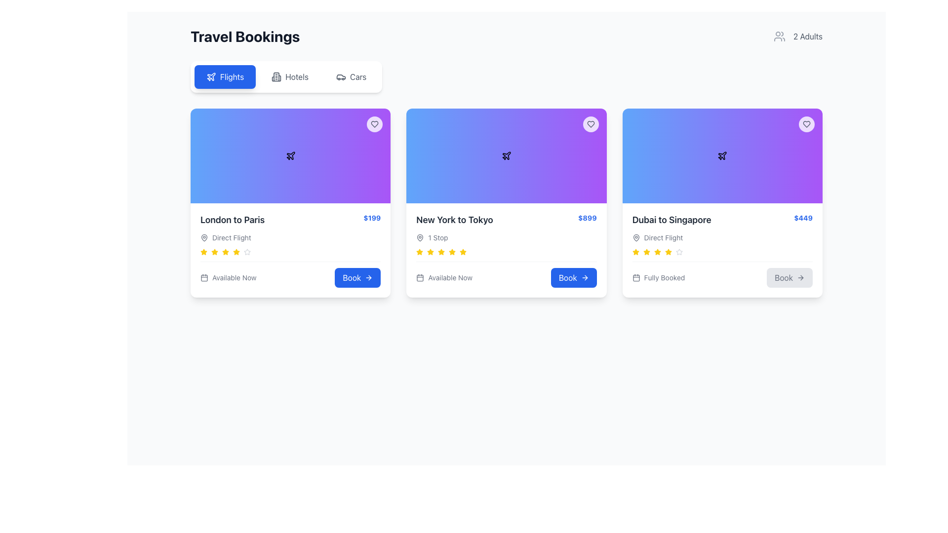  I want to click on the airplane icon which is centrally positioned within the third card that details a trip from Dubai to Singapore, so click(722, 155).